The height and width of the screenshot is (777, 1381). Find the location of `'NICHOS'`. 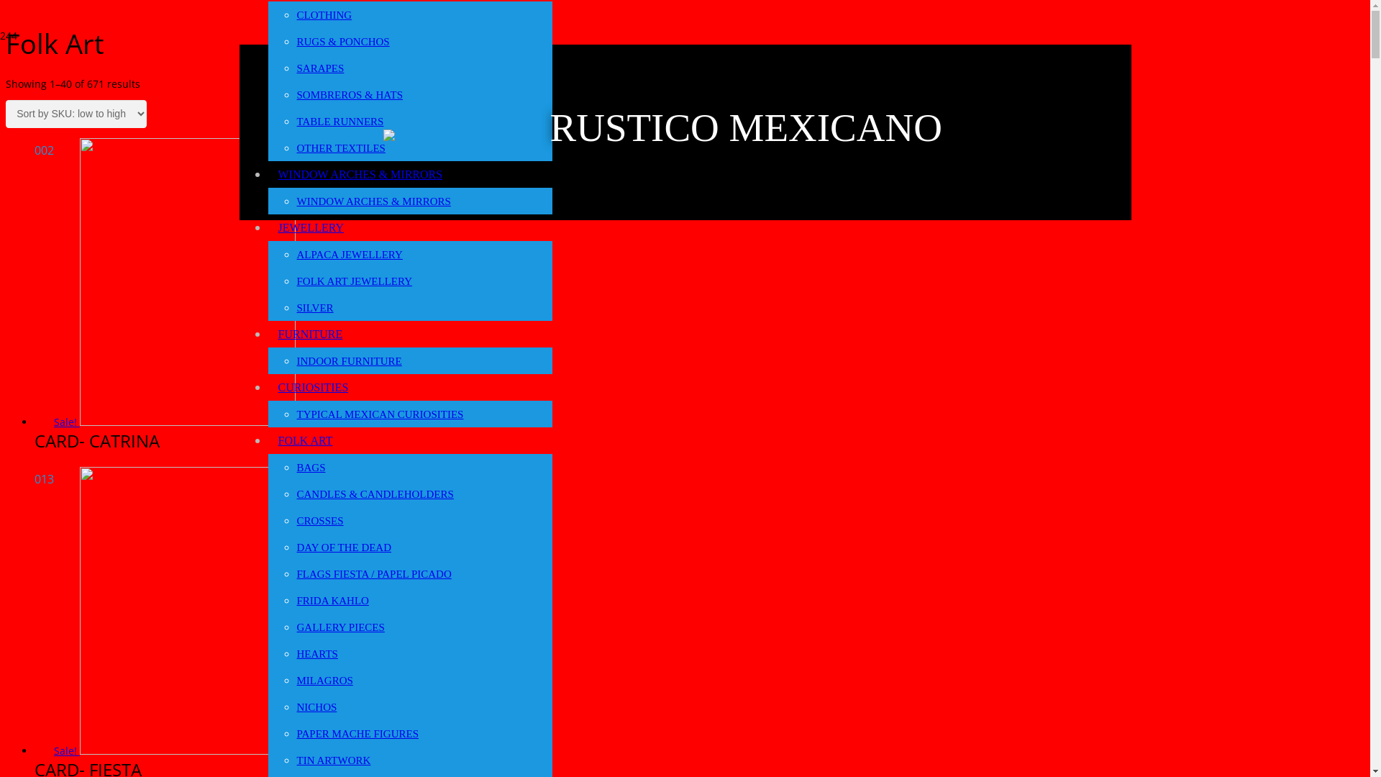

'NICHOS' is located at coordinates (316, 706).